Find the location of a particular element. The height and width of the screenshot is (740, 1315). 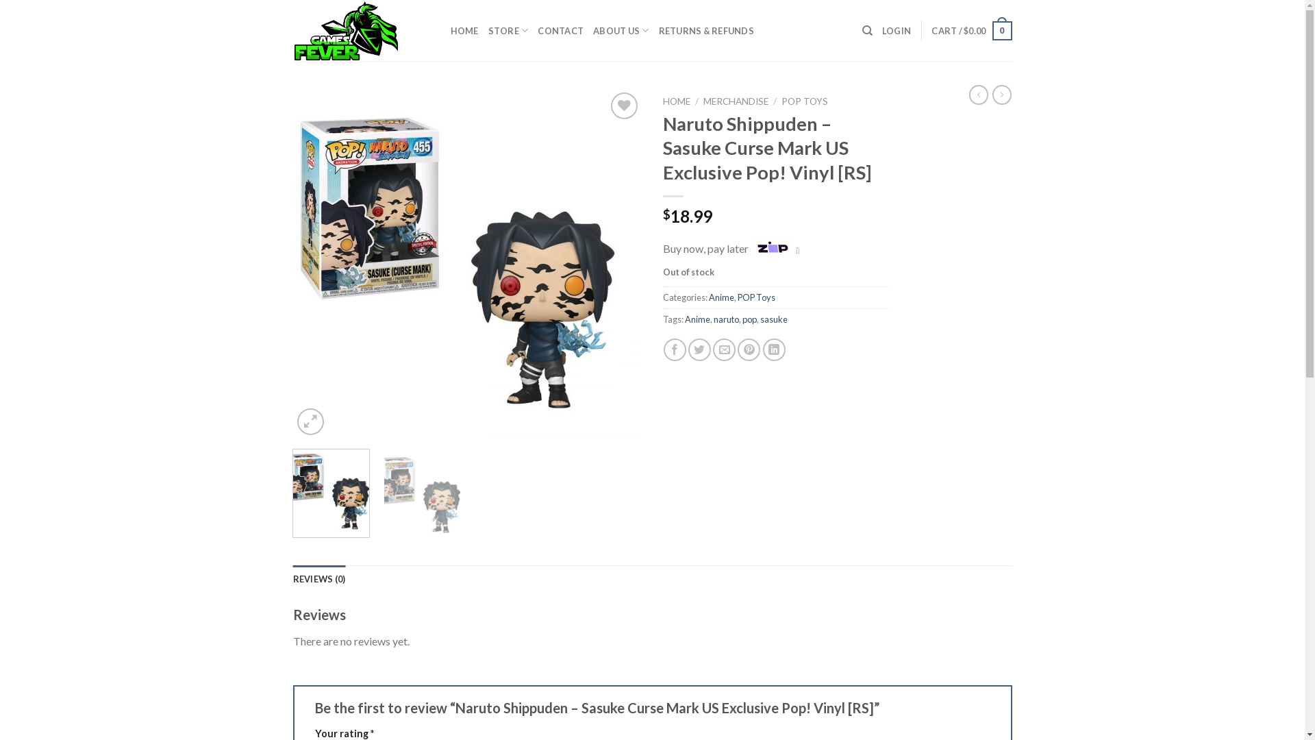

'Share on Twitter' is located at coordinates (699, 349).